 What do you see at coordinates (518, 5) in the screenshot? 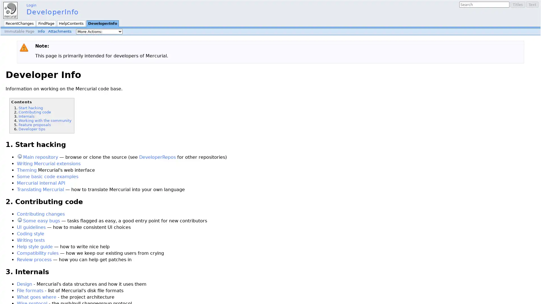
I see `Titles` at bounding box center [518, 5].